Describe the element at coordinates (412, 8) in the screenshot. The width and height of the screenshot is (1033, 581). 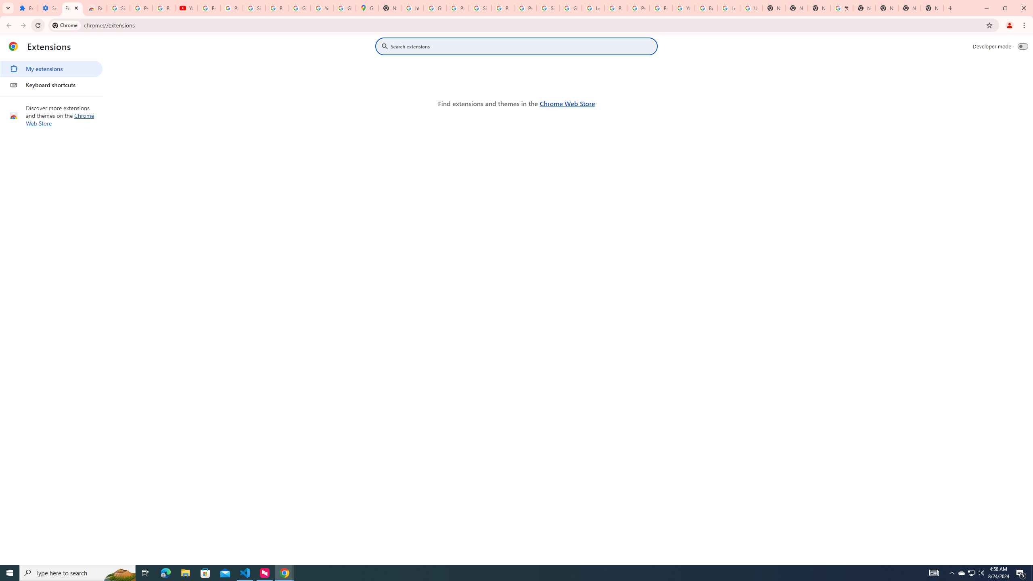
I see `'https://scholar.google.com/'` at that location.